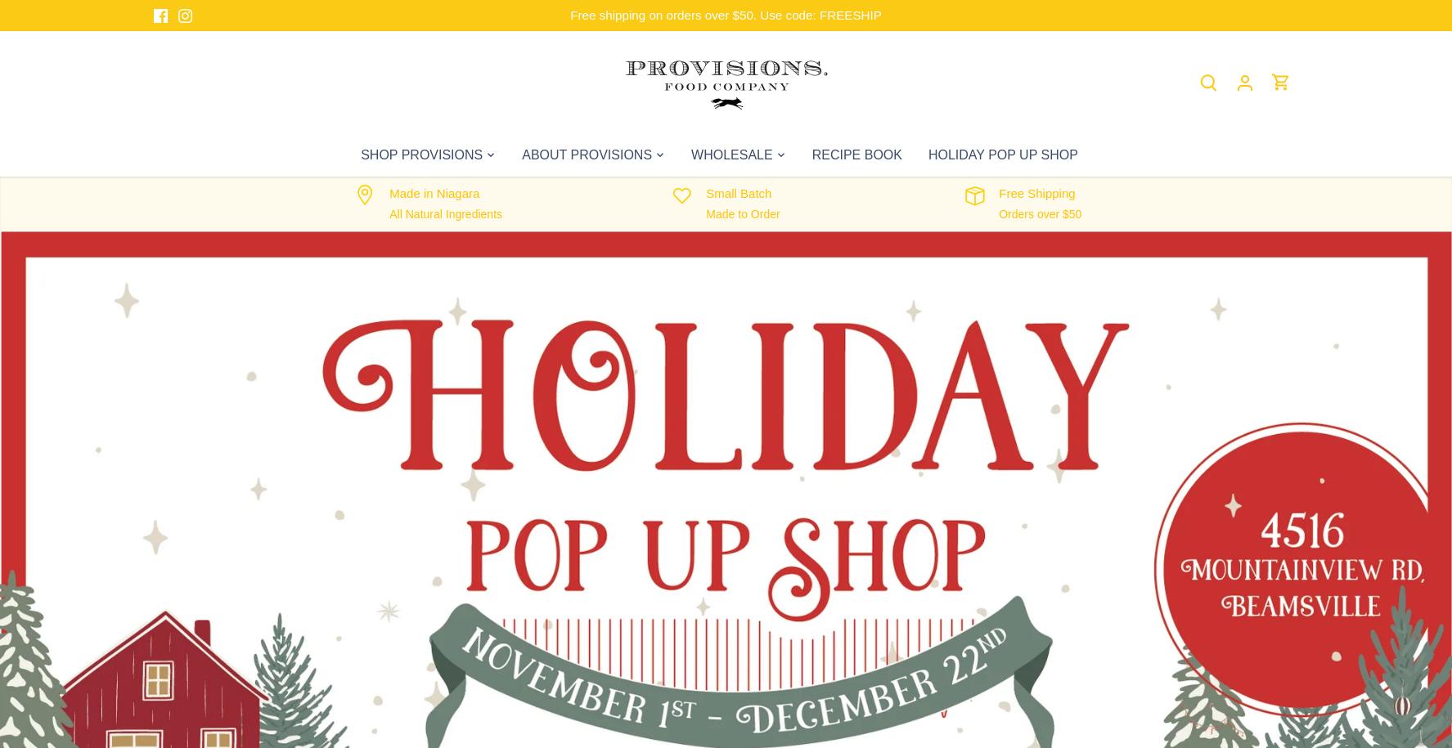 This screenshot has height=748, width=1452. What do you see at coordinates (1036, 192) in the screenshot?
I see `'Free Shipping'` at bounding box center [1036, 192].